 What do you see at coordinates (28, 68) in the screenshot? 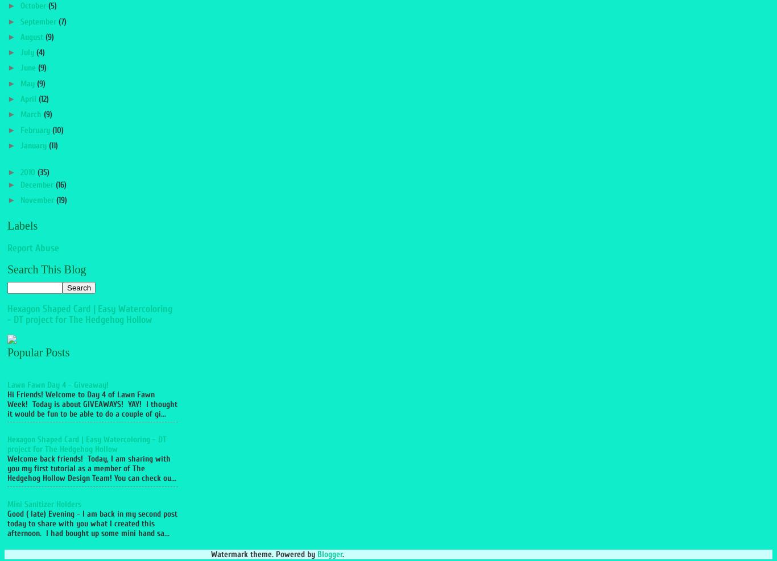
I see `'June'` at bounding box center [28, 68].